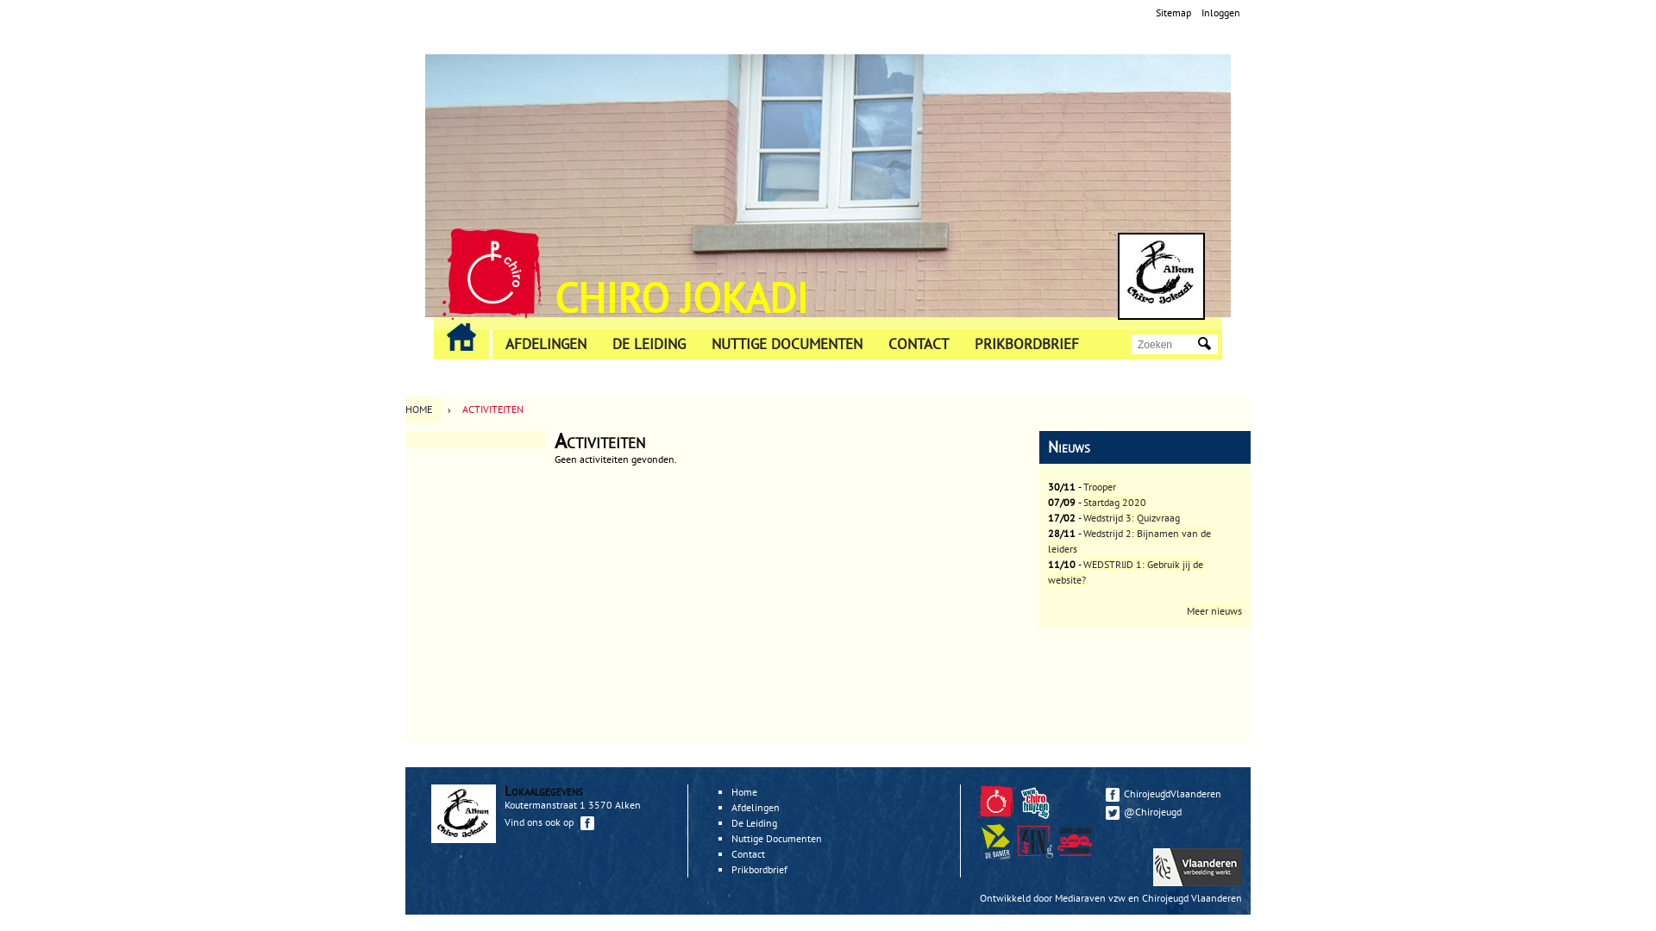 This screenshot has width=1656, height=931. What do you see at coordinates (731, 869) in the screenshot?
I see `'Prikbordbrief'` at bounding box center [731, 869].